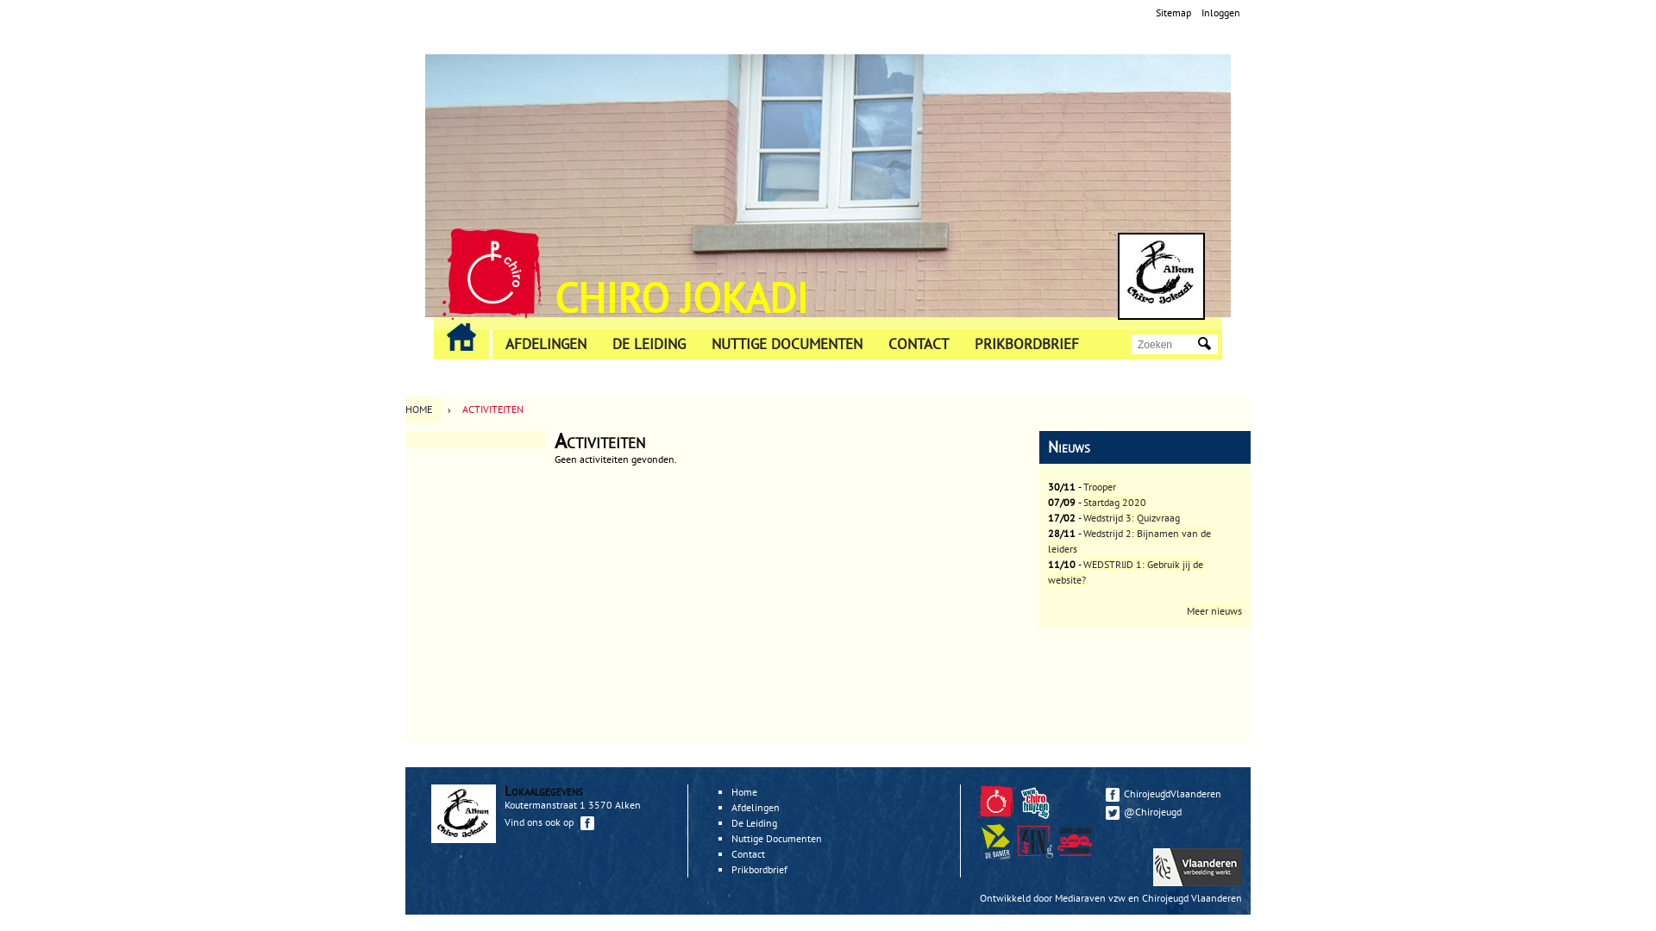 This screenshot has width=1656, height=931. What do you see at coordinates (731, 869) in the screenshot?
I see `'Prikbordbrief'` at bounding box center [731, 869].